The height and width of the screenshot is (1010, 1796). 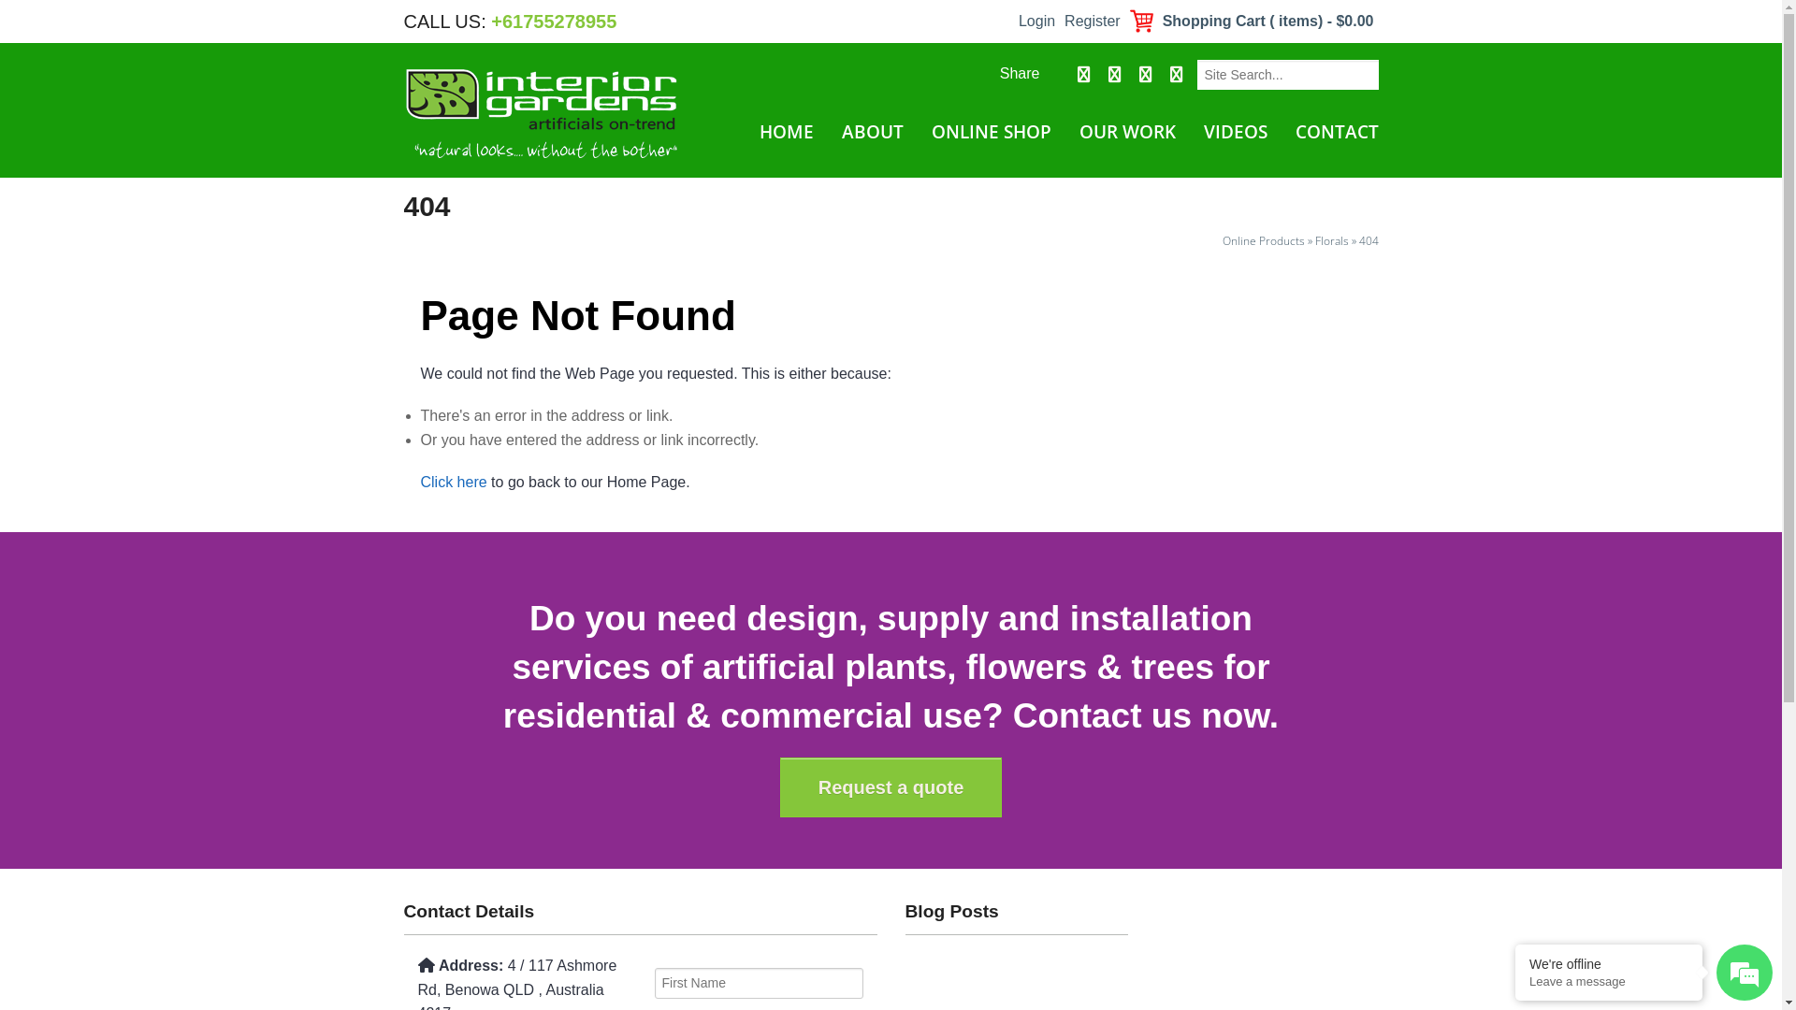 I want to click on 'ONLINE SHOP', so click(x=925, y=131).